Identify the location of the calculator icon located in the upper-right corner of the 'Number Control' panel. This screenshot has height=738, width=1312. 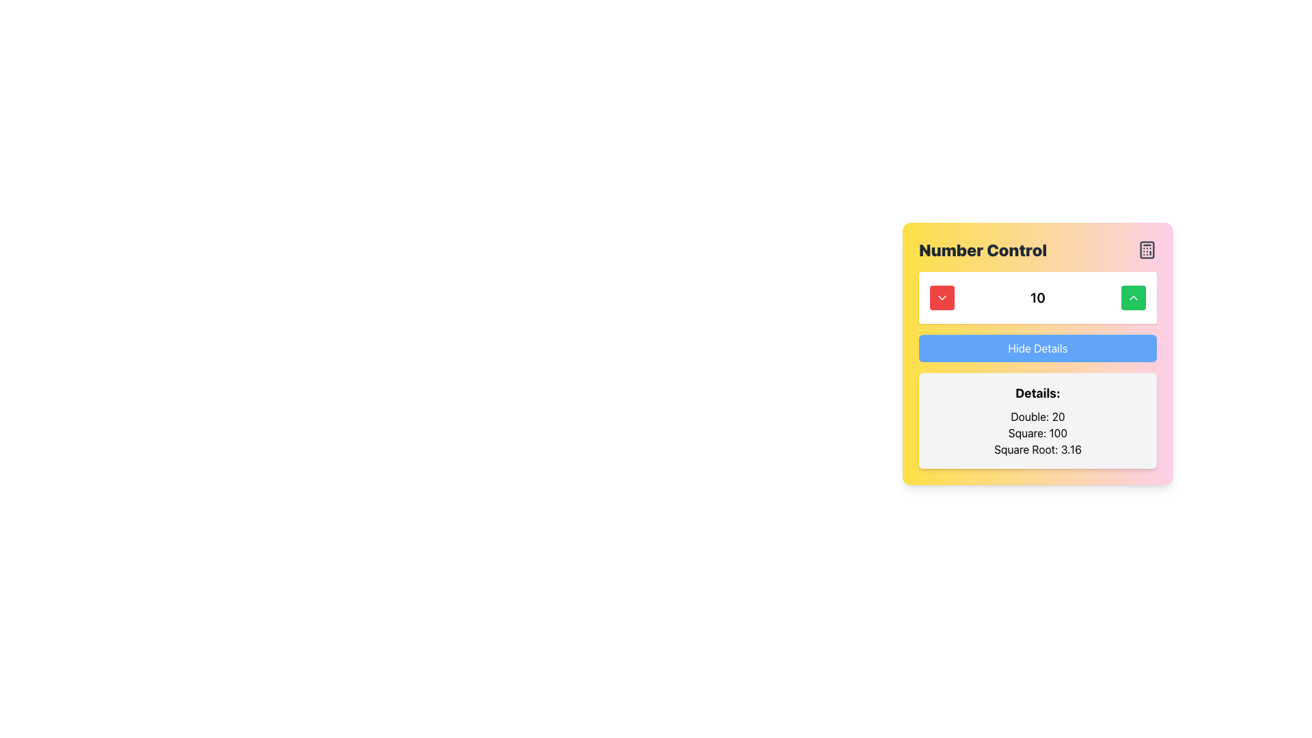
(1147, 250).